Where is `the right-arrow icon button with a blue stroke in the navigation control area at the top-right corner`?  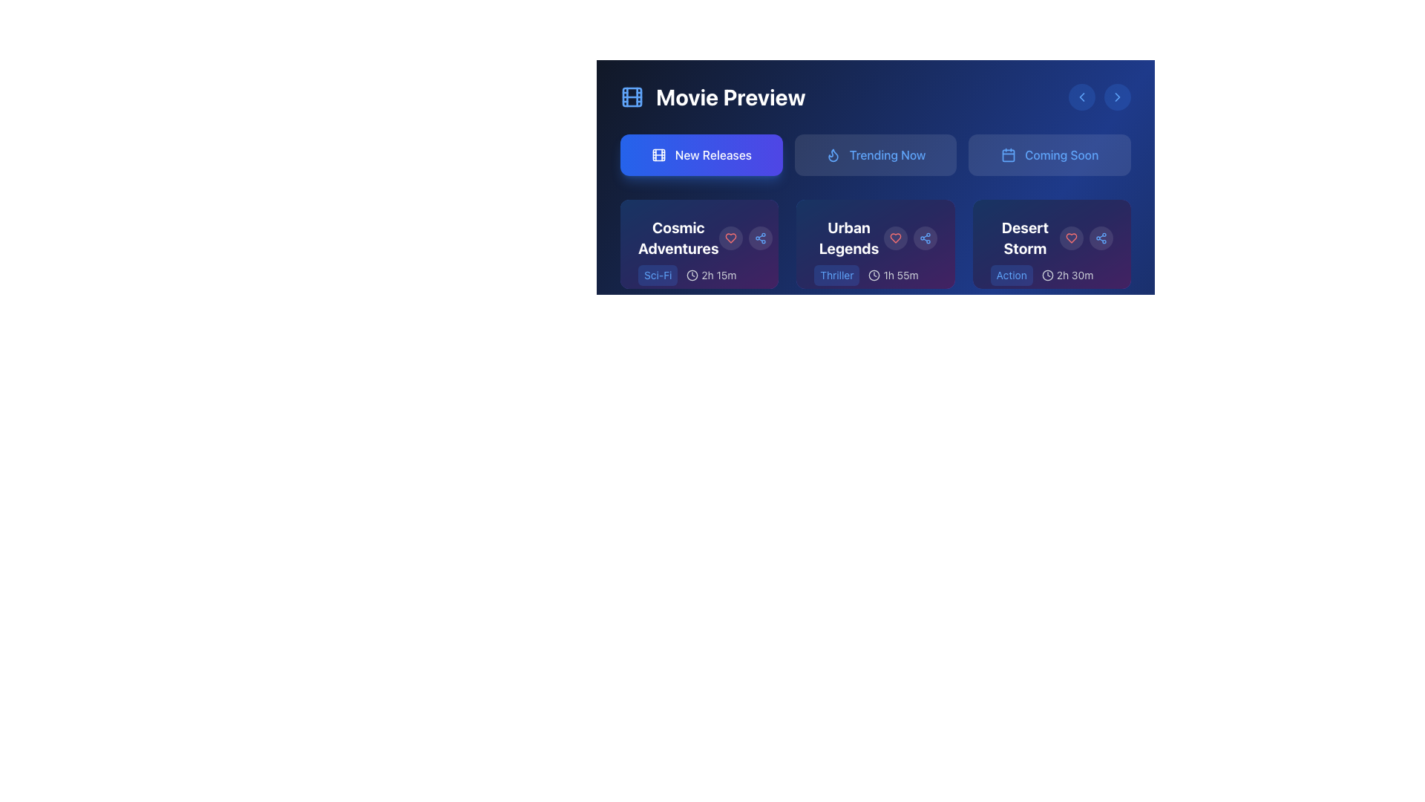 the right-arrow icon button with a blue stroke in the navigation control area at the top-right corner is located at coordinates (1118, 97).